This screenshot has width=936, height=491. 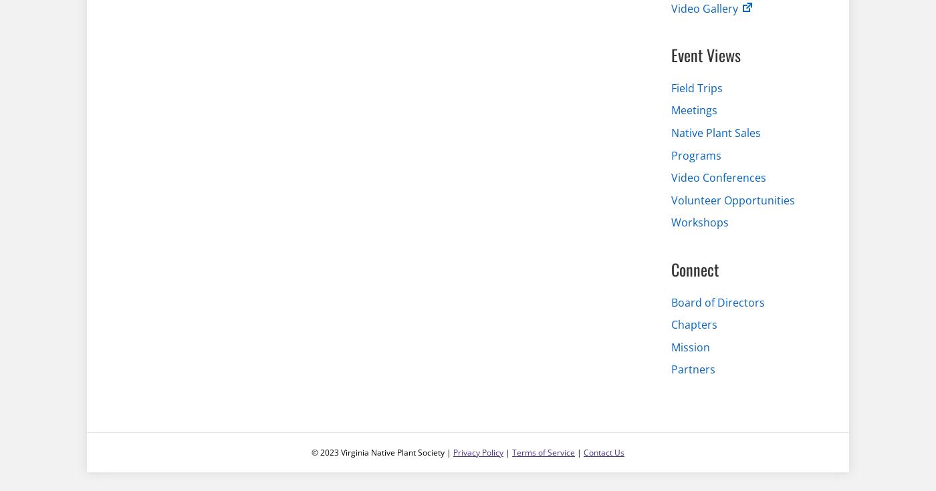 What do you see at coordinates (696, 154) in the screenshot?
I see `'Programs'` at bounding box center [696, 154].